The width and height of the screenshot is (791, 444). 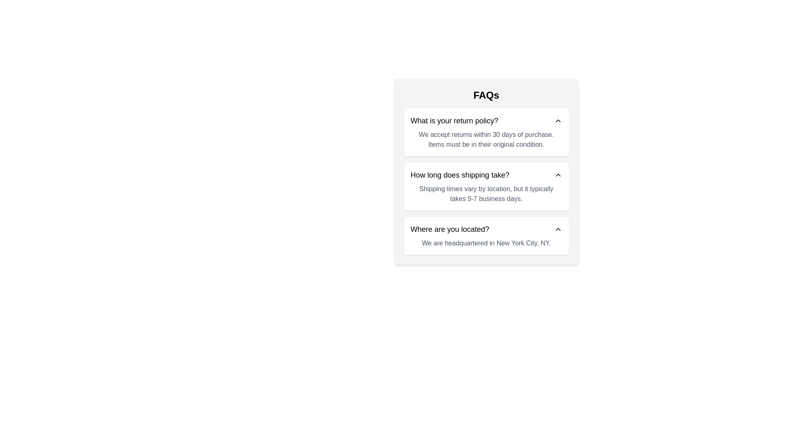 What do you see at coordinates (558, 174) in the screenshot?
I see `the chevron icon indicating the collapsible state of the FAQ item for 'How long does shipping take?'` at bounding box center [558, 174].